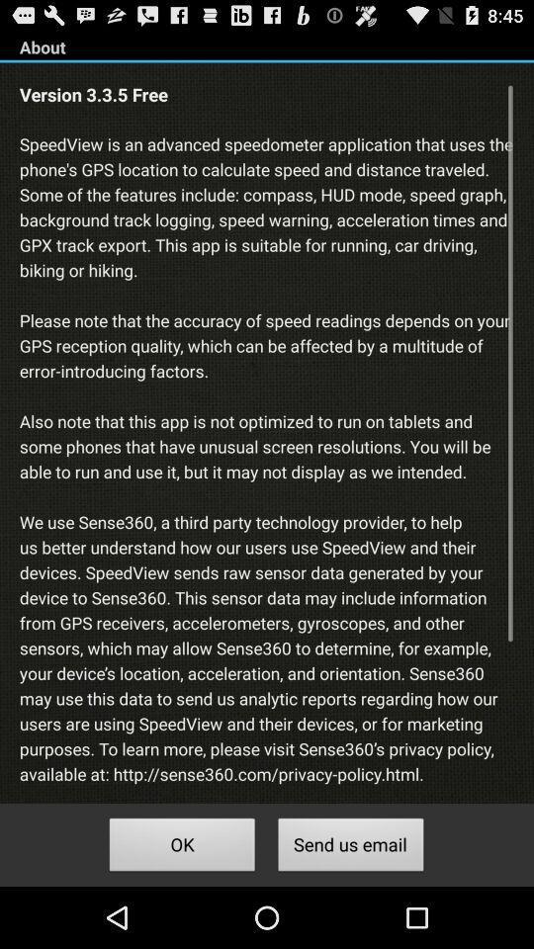 The height and width of the screenshot is (949, 534). What do you see at coordinates (350, 846) in the screenshot?
I see `icon to the right of ok` at bounding box center [350, 846].